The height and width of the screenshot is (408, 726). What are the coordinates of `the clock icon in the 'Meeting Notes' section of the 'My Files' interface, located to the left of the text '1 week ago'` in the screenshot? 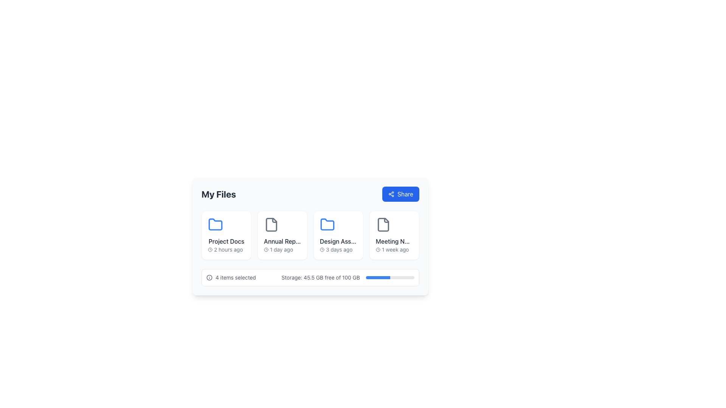 It's located at (378, 249).